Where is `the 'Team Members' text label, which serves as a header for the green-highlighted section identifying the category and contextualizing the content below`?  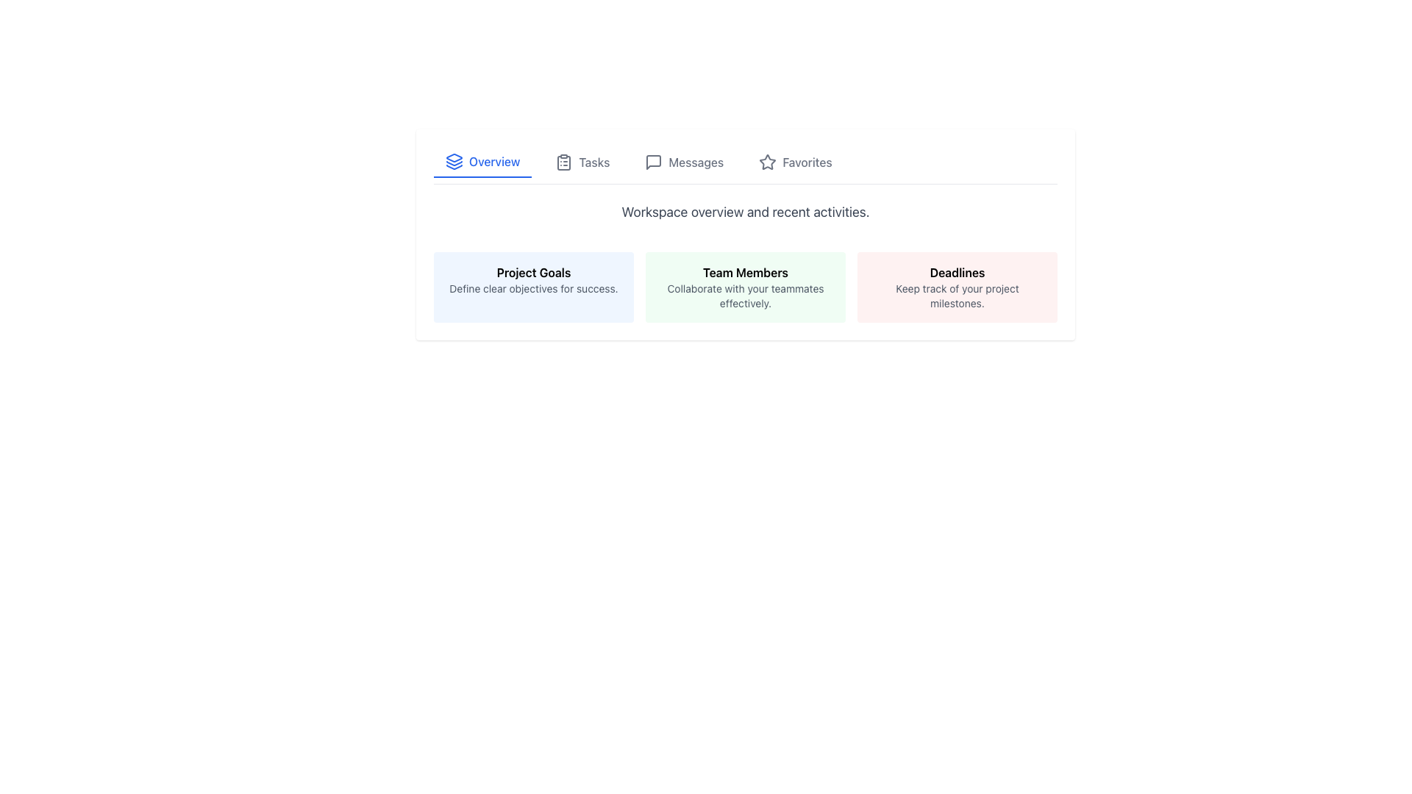
the 'Team Members' text label, which serves as a header for the green-highlighted section identifying the category and contextualizing the content below is located at coordinates (745, 272).